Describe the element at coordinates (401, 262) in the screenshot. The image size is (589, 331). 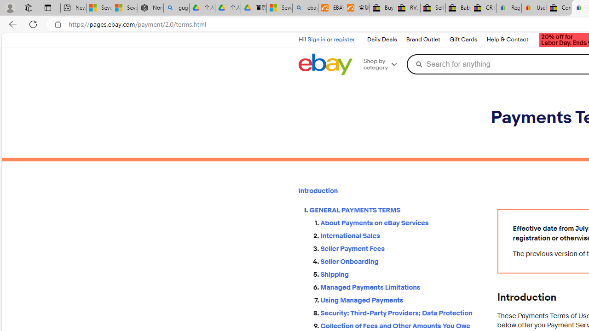
I see `'Seller Onboarding'` at that location.